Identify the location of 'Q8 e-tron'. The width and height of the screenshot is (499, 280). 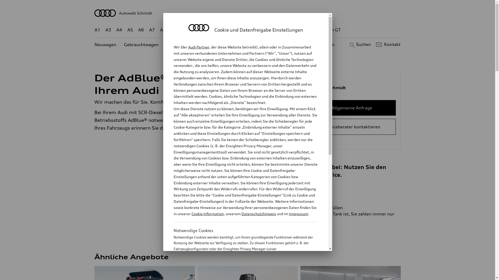
(262, 30).